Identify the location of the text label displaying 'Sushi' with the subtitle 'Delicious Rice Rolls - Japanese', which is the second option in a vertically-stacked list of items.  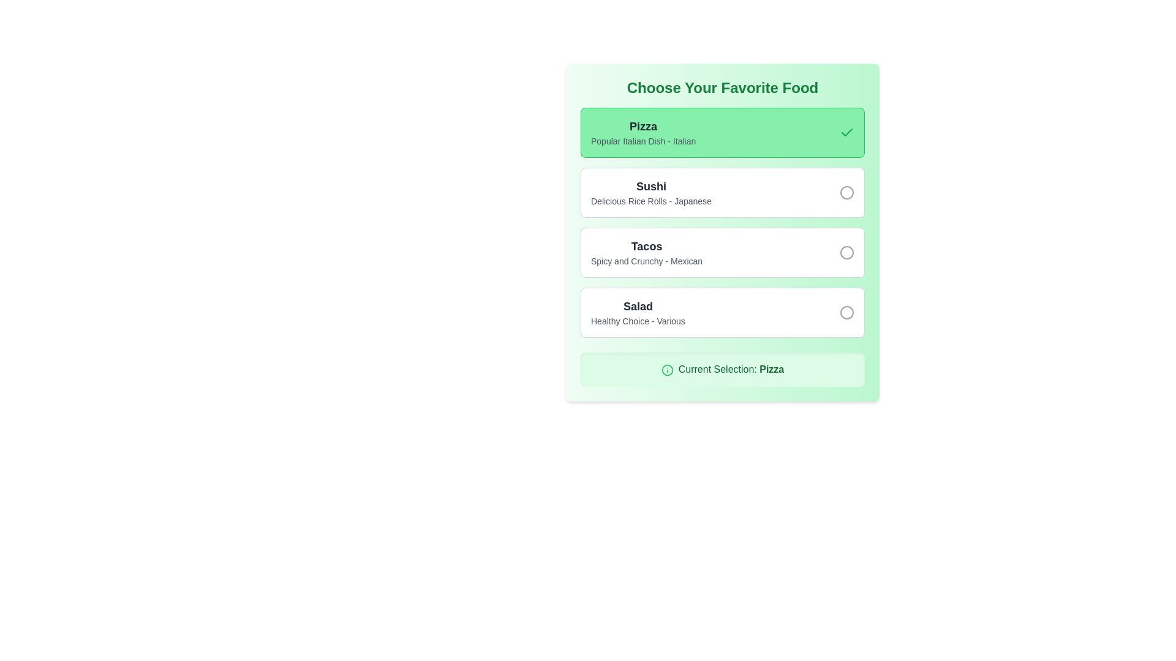
(650, 193).